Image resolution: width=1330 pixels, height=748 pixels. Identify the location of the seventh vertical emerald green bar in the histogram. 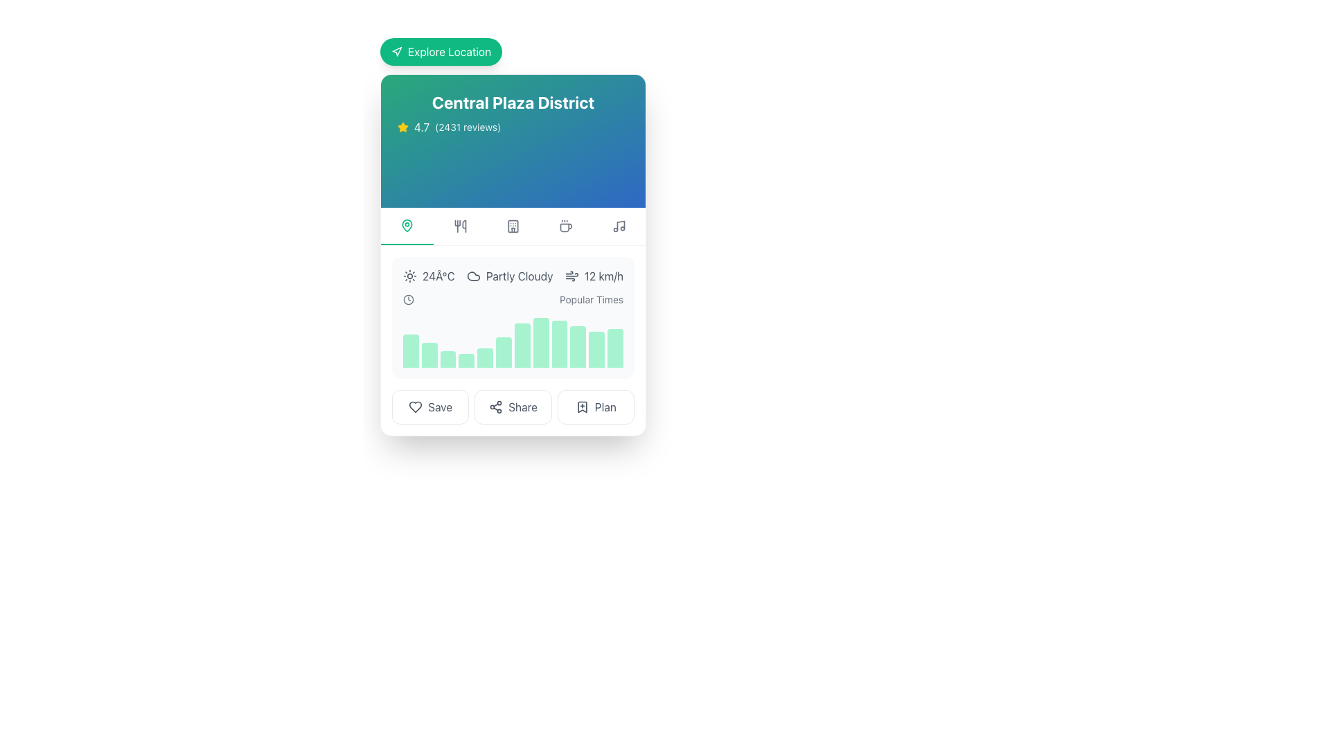
(522, 344).